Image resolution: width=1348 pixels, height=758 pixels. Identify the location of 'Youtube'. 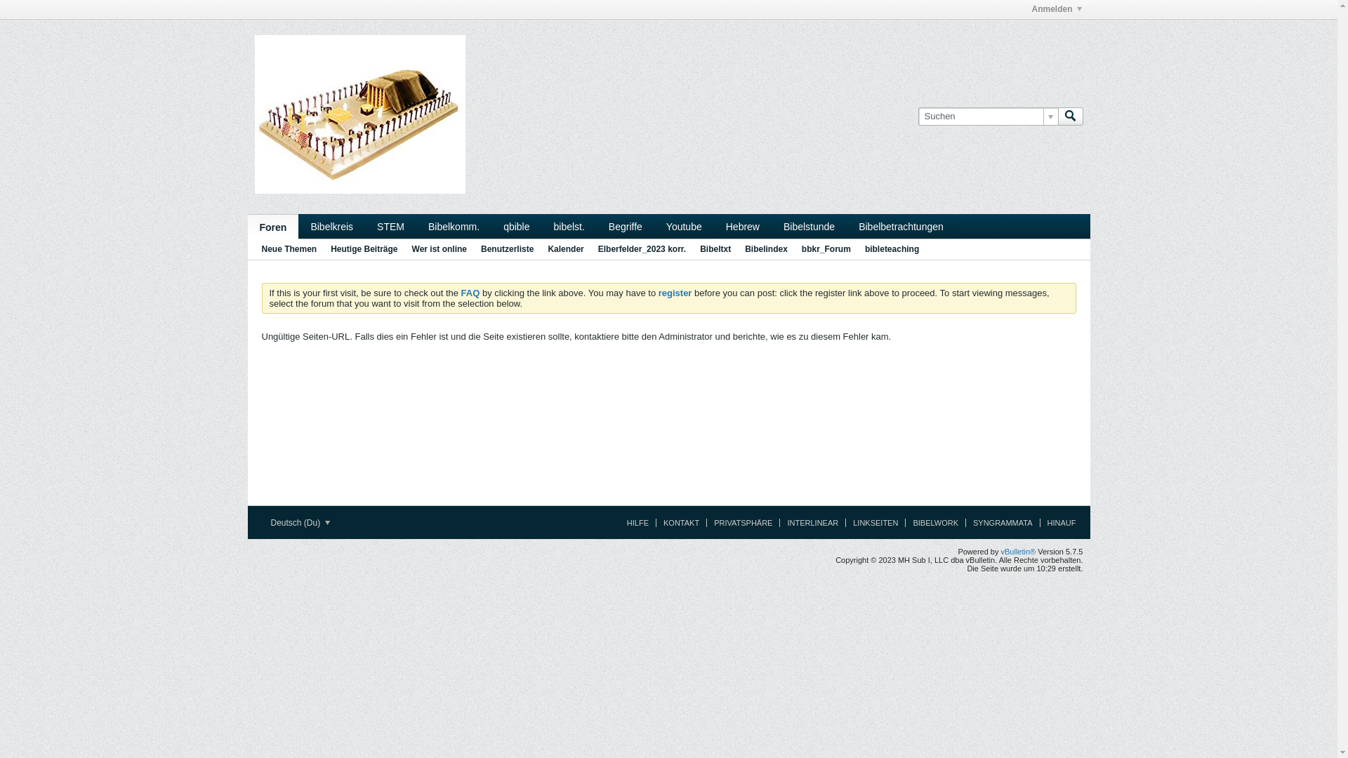
(684, 225).